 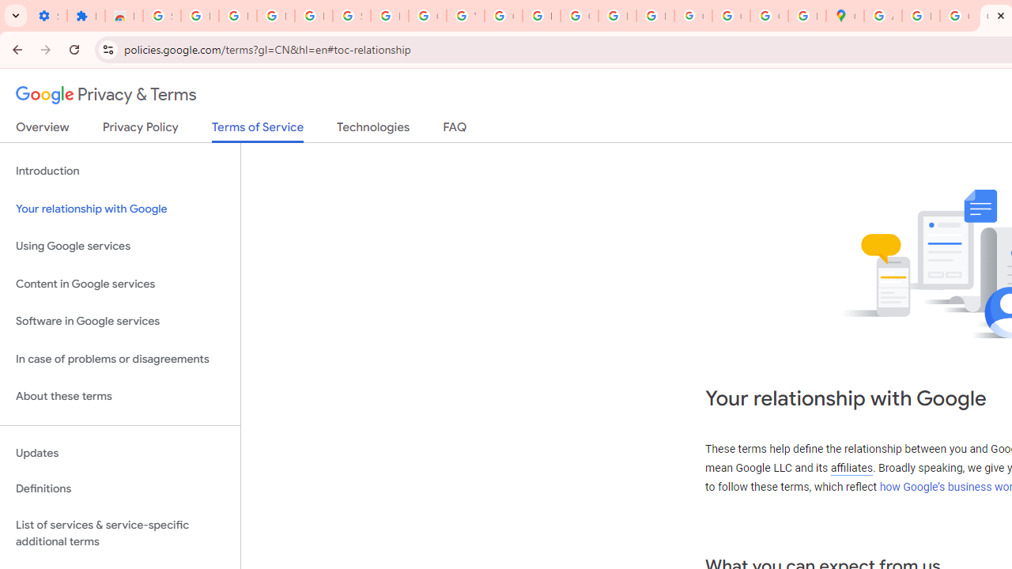 What do you see at coordinates (844, 16) in the screenshot?
I see `'Google Maps'` at bounding box center [844, 16].